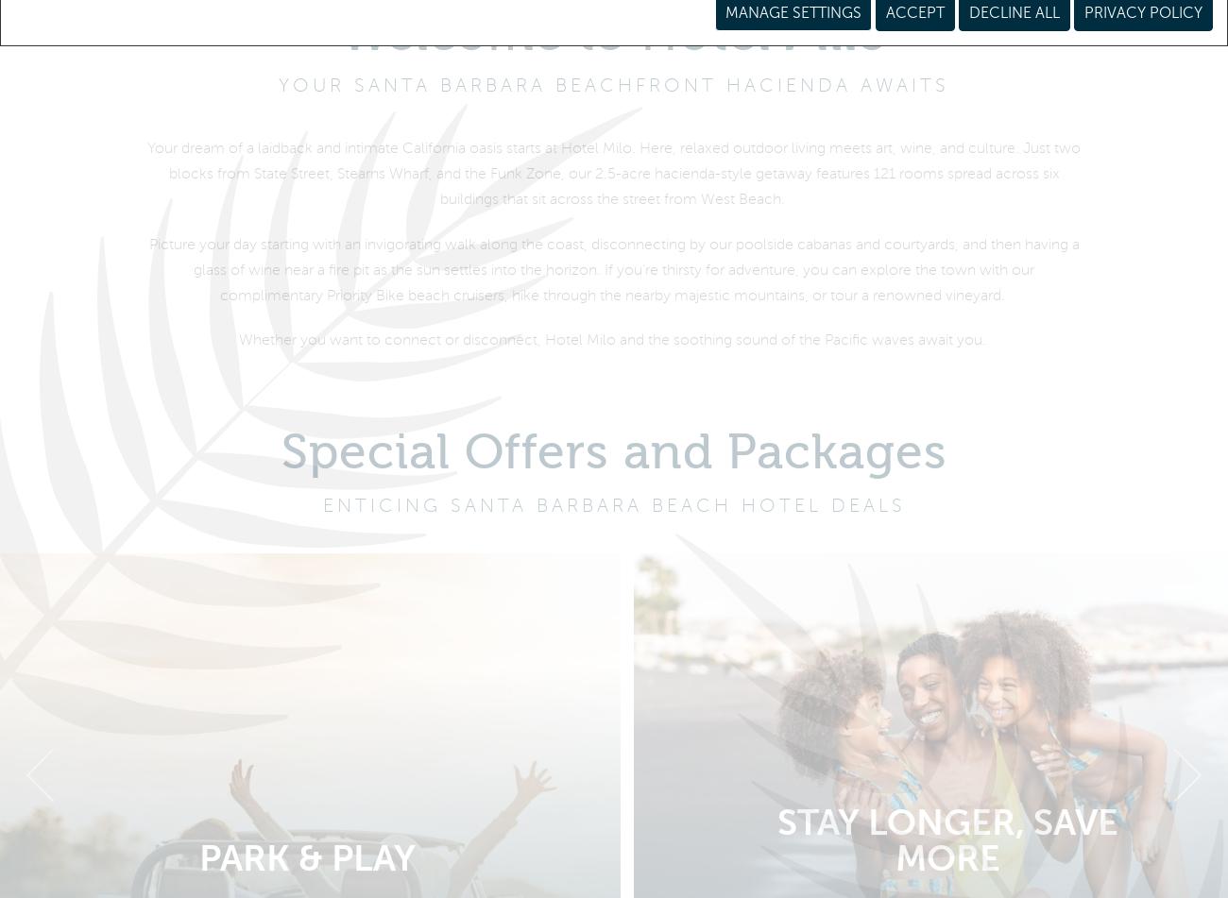 The image size is (1228, 898). What do you see at coordinates (197, 869) in the screenshot?
I see `'Park & Play'` at bounding box center [197, 869].